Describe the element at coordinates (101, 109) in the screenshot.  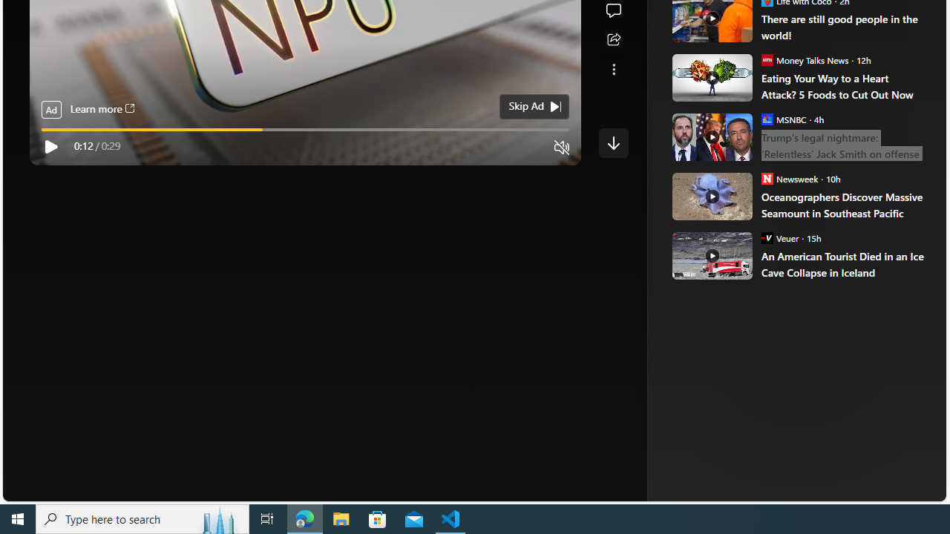
I see `'Learn more'` at that location.